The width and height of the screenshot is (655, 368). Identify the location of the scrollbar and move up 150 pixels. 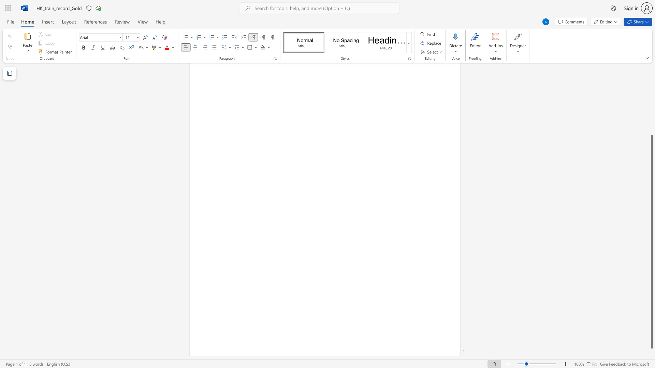
(651, 241).